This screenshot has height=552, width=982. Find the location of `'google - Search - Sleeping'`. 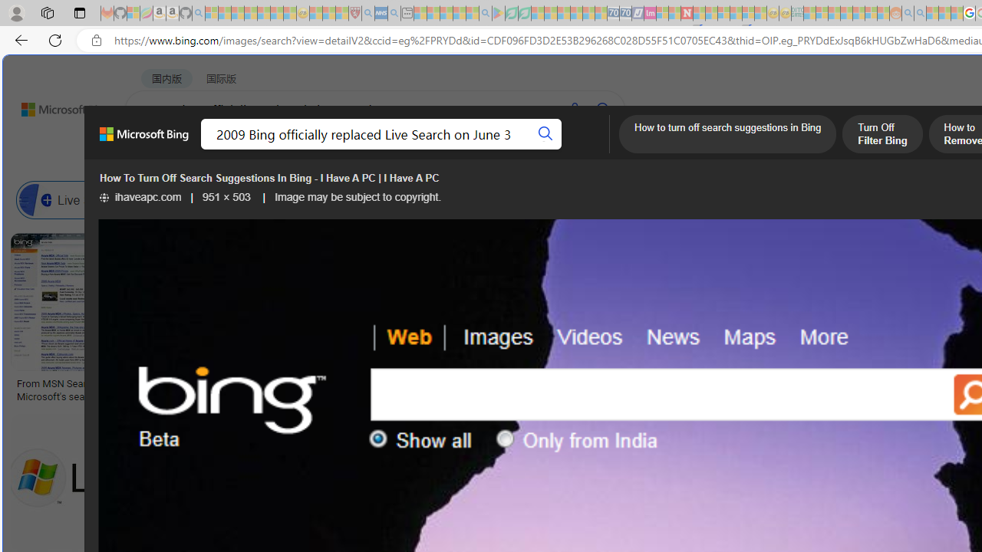

'google - Search - Sleeping' is located at coordinates (484, 13).